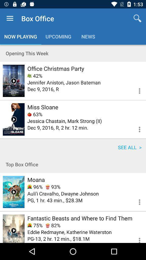 The height and width of the screenshot is (260, 146). What do you see at coordinates (136, 129) in the screenshot?
I see `movie options` at bounding box center [136, 129].